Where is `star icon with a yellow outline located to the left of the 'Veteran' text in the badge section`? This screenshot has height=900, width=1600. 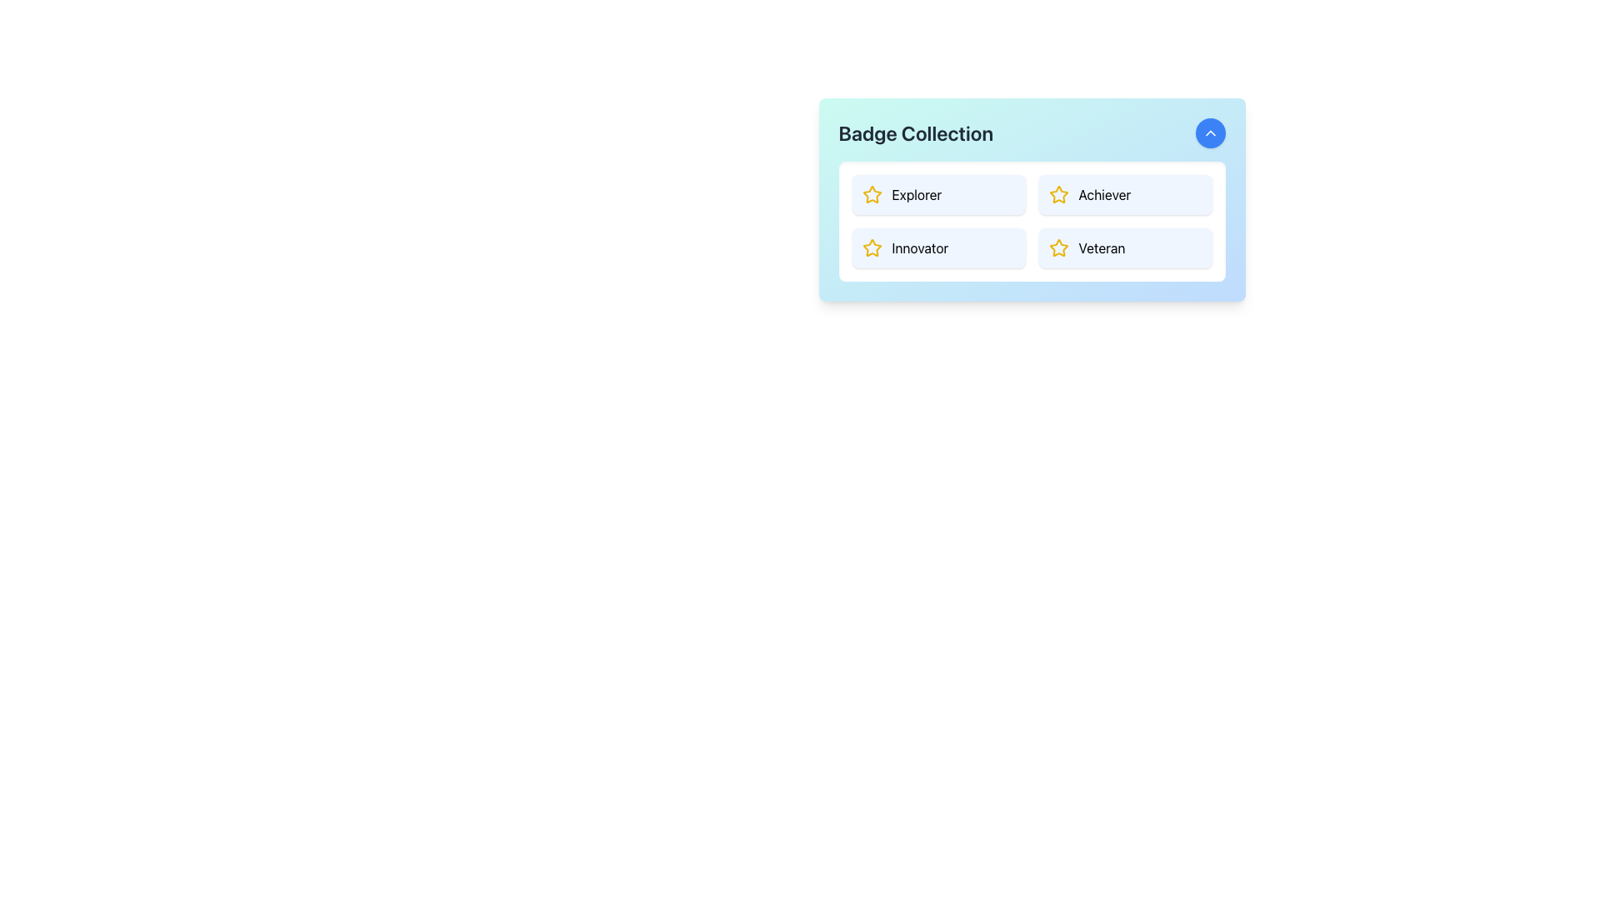
star icon with a yellow outline located to the left of the 'Veteran' text in the badge section is located at coordinates (1057, 247).